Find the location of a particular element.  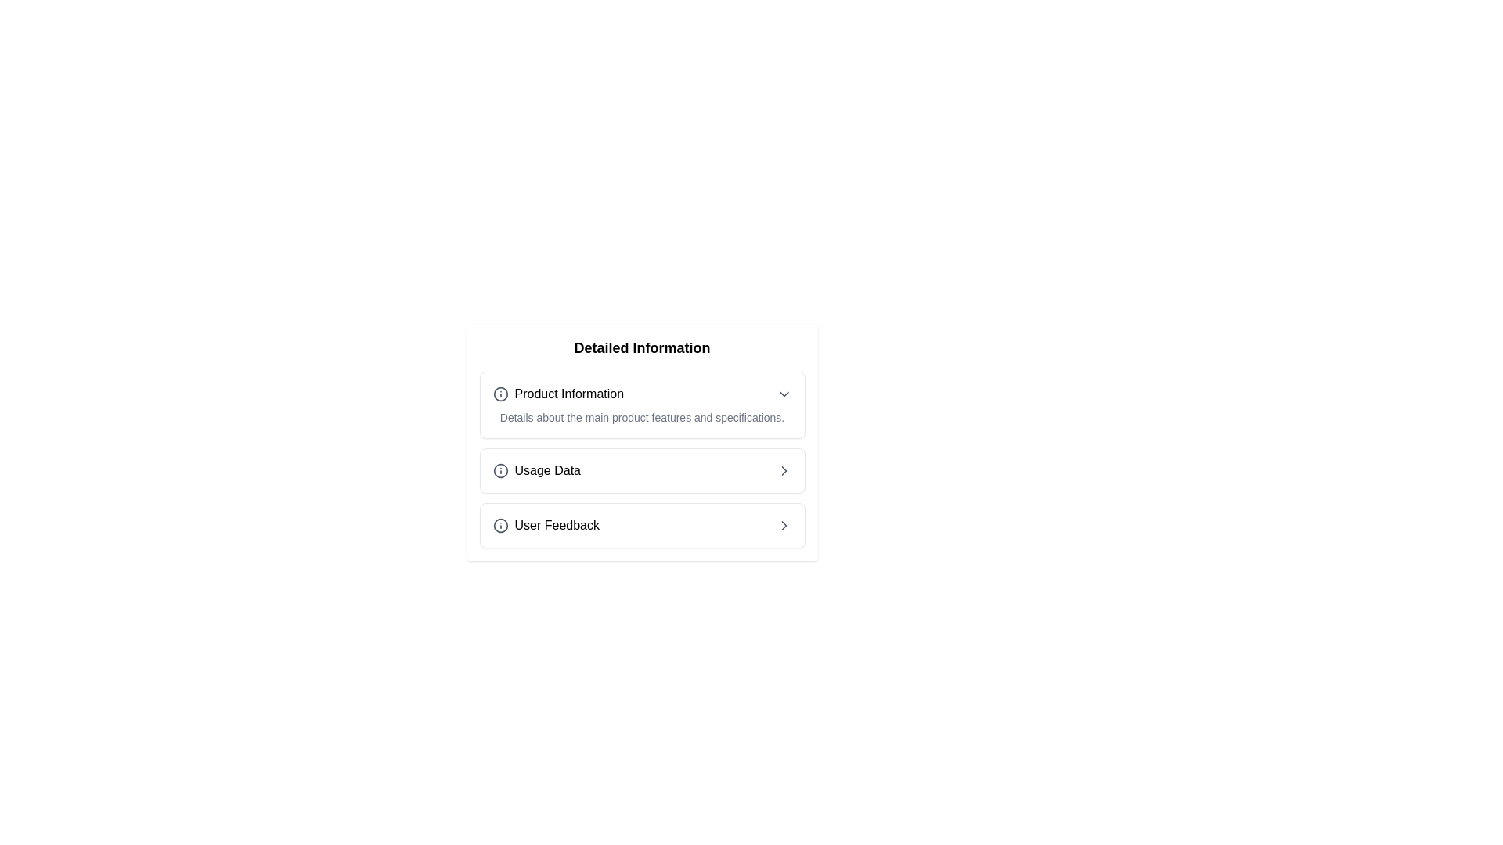

the right-pointing chevron icon next to the 'Usage Data' label by moving the cursor to its center is located at coordinates (784, 469).